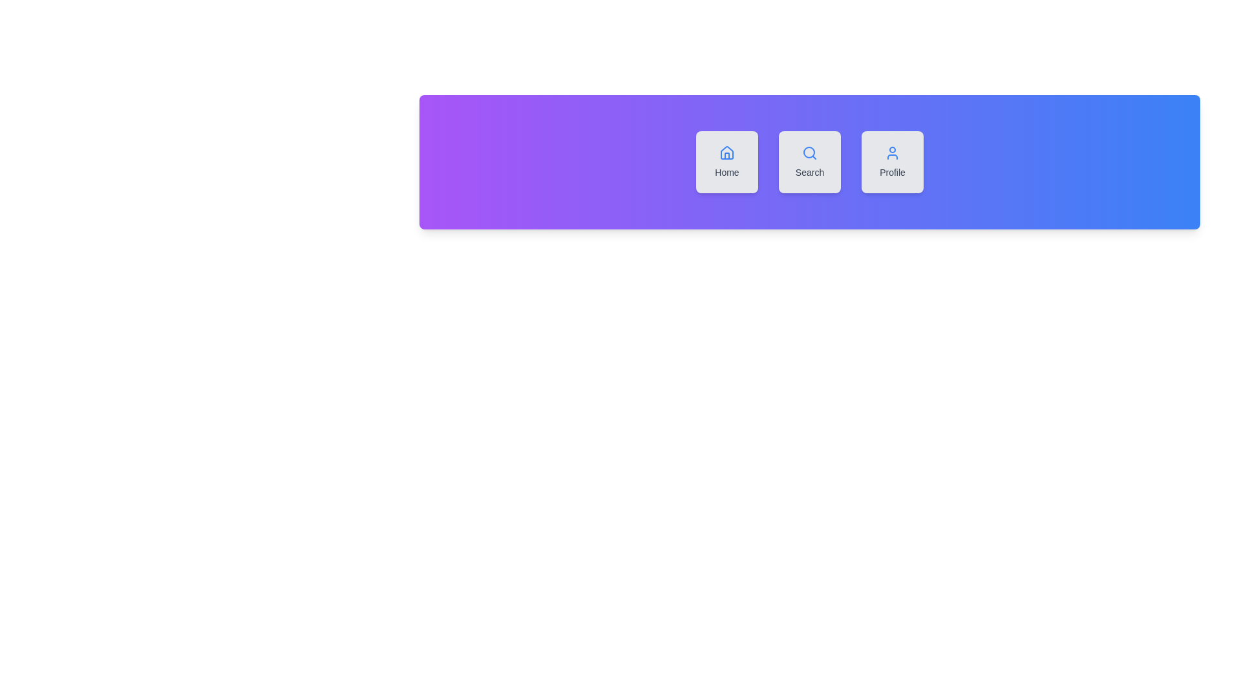  What do you see at coordinates (892, 152) in the screenshot?
I see `the user profile icon located above the text label 'Profile' in the Profile navigation item` at bounding box center [892, 152].